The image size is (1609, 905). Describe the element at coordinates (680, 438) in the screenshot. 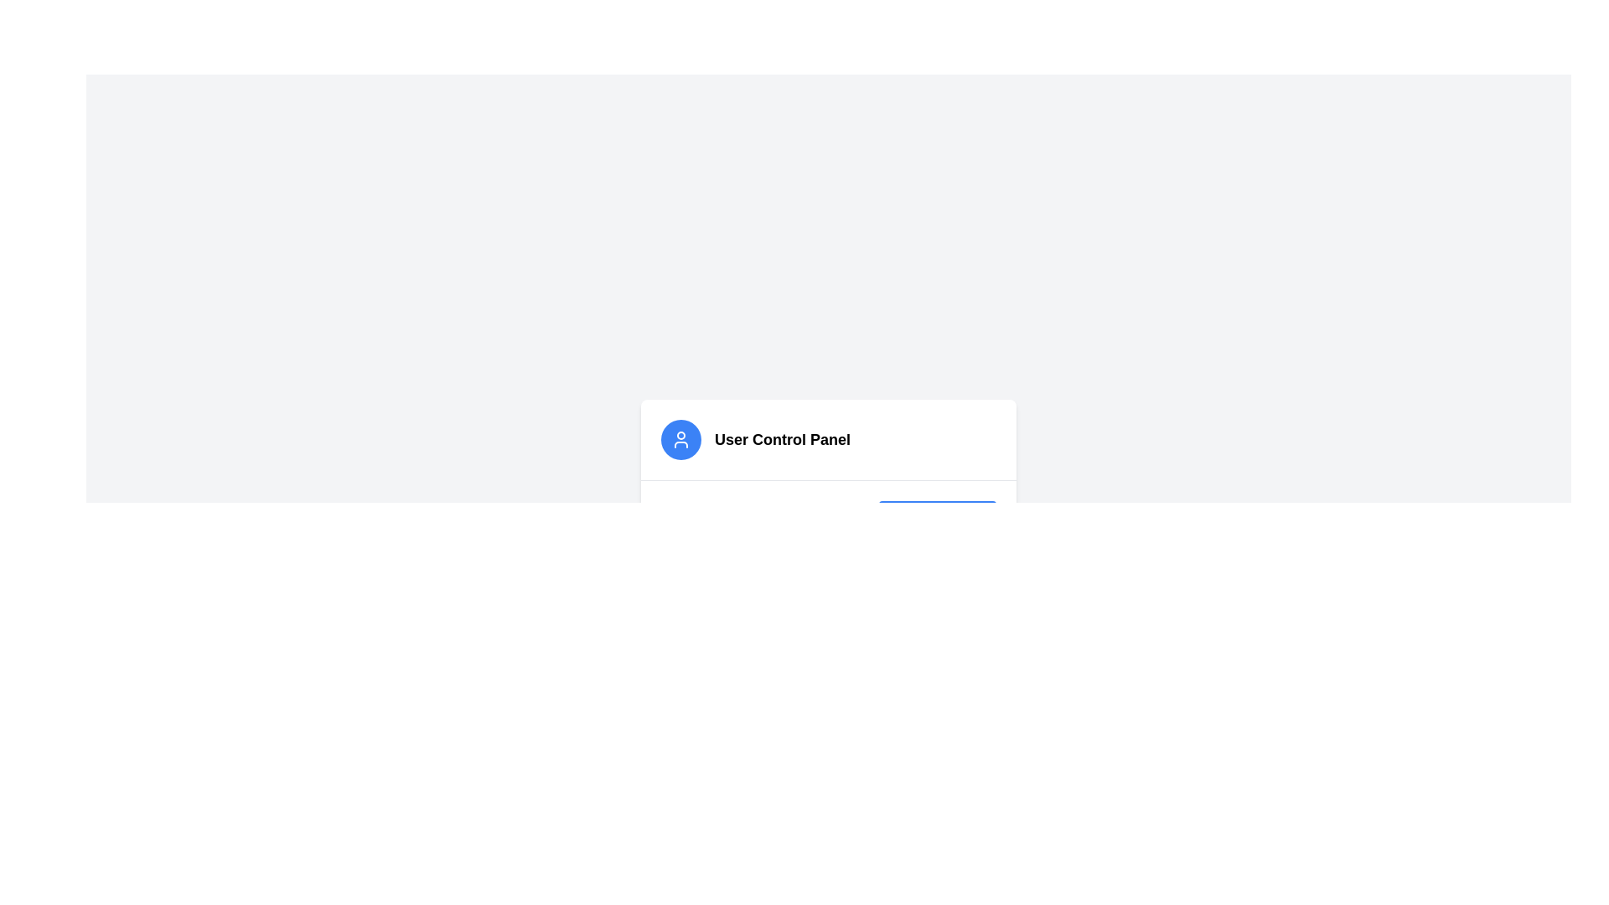

I see `the user icon, which is a visual representation of a user or profile, located to the left of the 'User Control Panel' text label` at that location.